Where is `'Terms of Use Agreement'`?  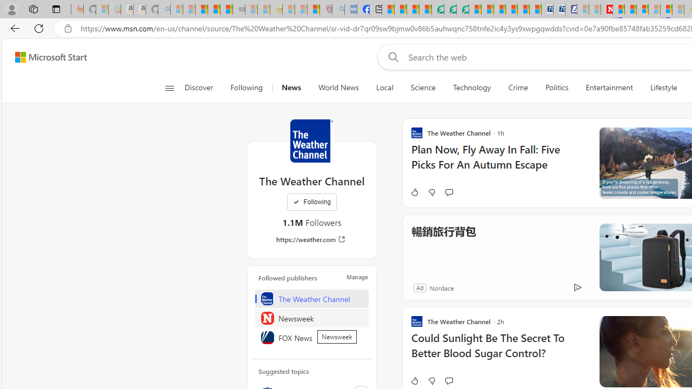 'Terms of Use Agreement' is located at coordinates (450, 9).